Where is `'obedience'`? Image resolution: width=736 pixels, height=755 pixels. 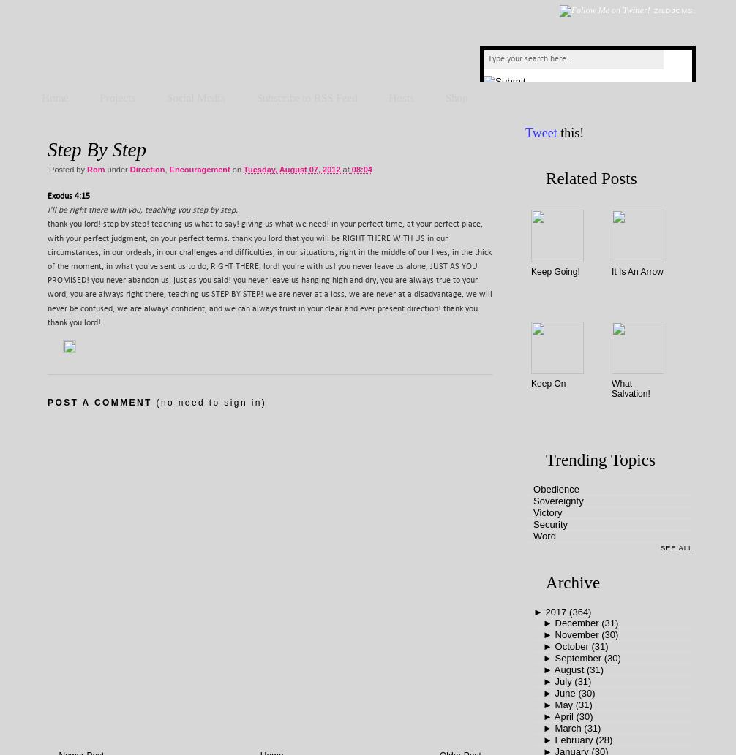
'obedience' is located at coordinates (555, 488).